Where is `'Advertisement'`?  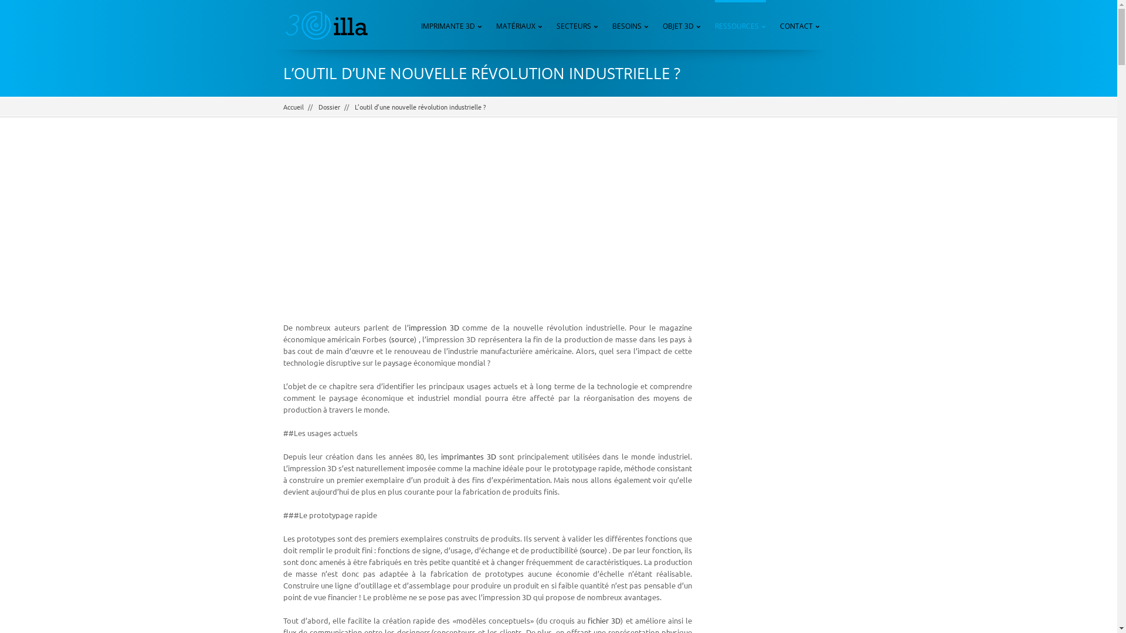
'Advertisement' is located at coordinates (487, 228).